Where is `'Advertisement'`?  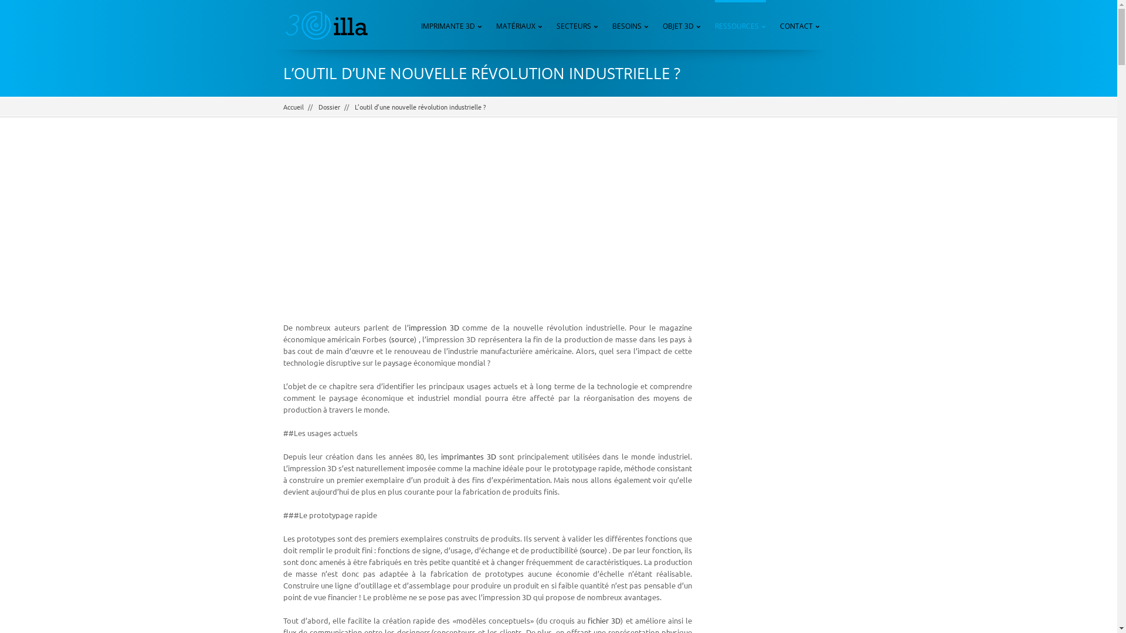
'Advertisement' is located at coordinates (487, 228).